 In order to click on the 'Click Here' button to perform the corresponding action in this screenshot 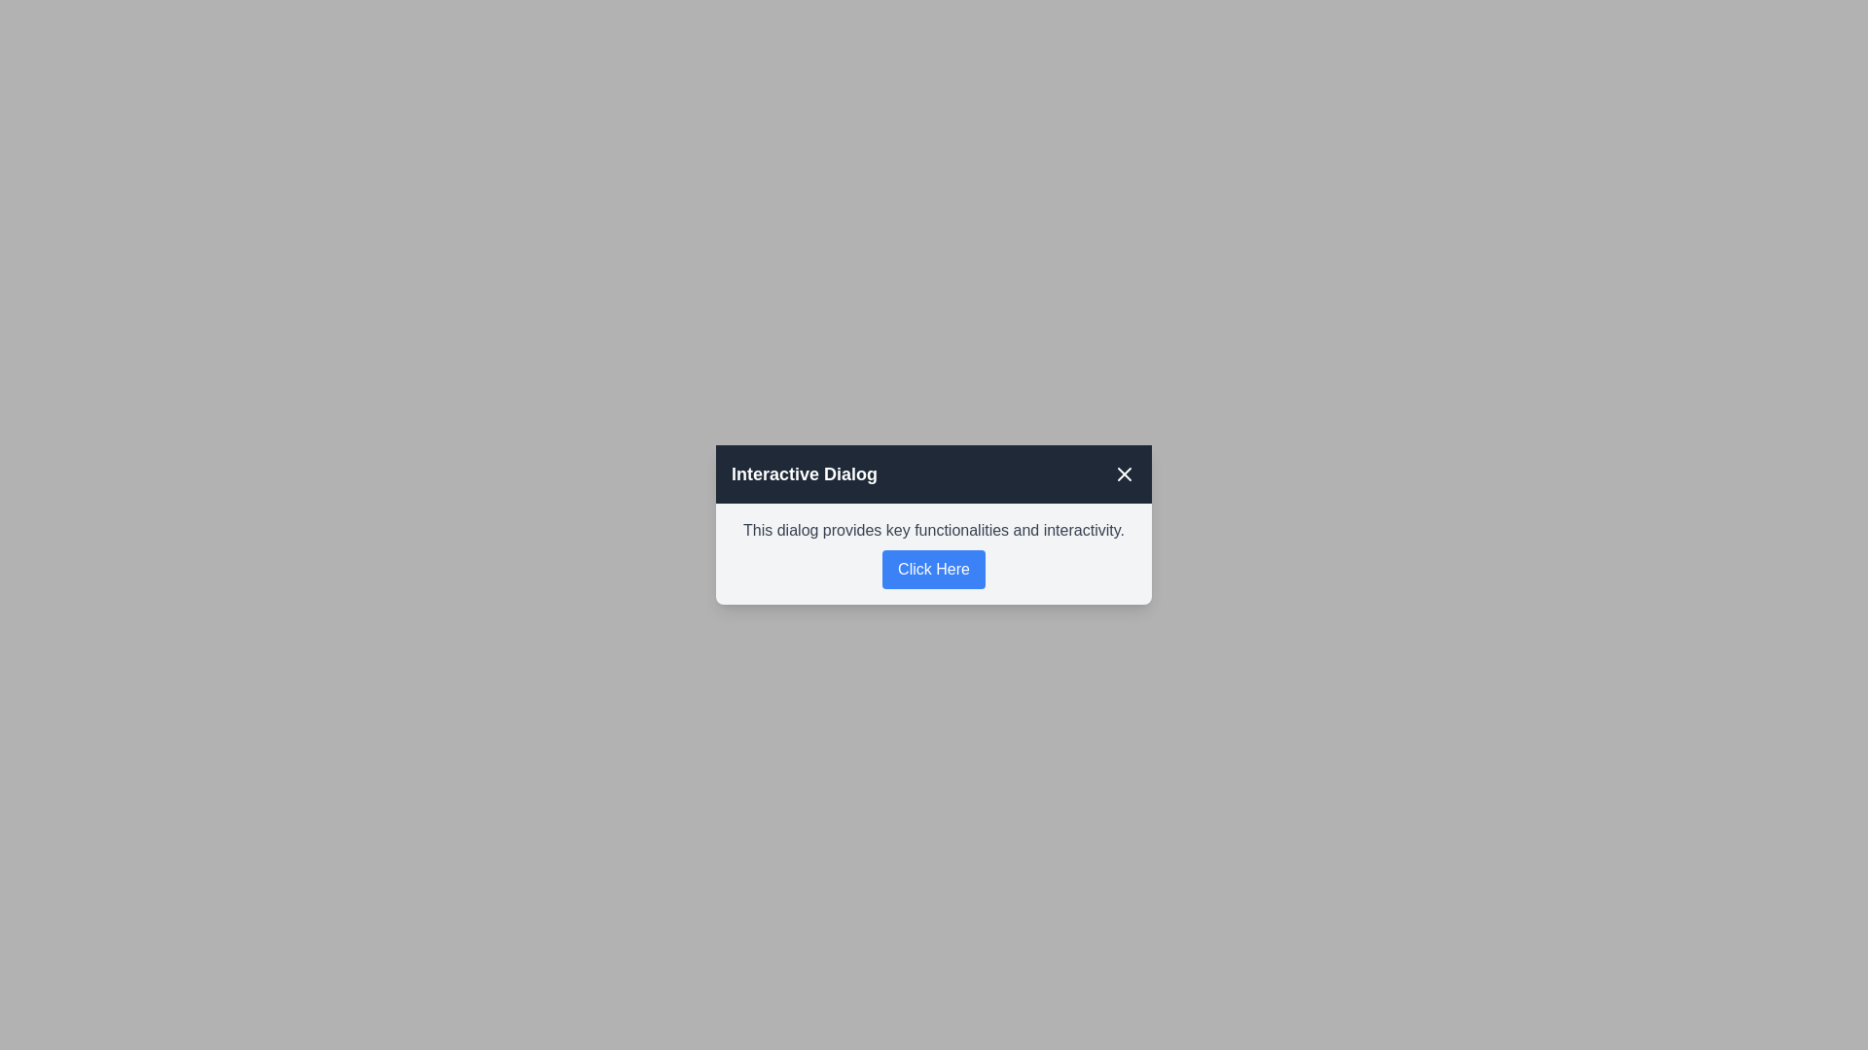, I will do `click(934, 569)`.